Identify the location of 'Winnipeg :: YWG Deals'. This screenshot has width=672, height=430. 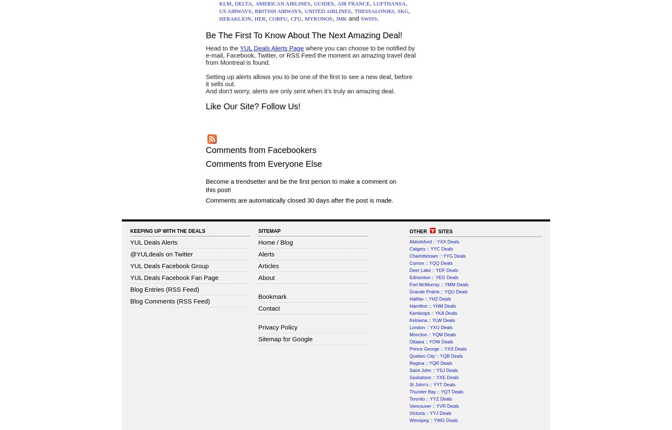
(433, 419).